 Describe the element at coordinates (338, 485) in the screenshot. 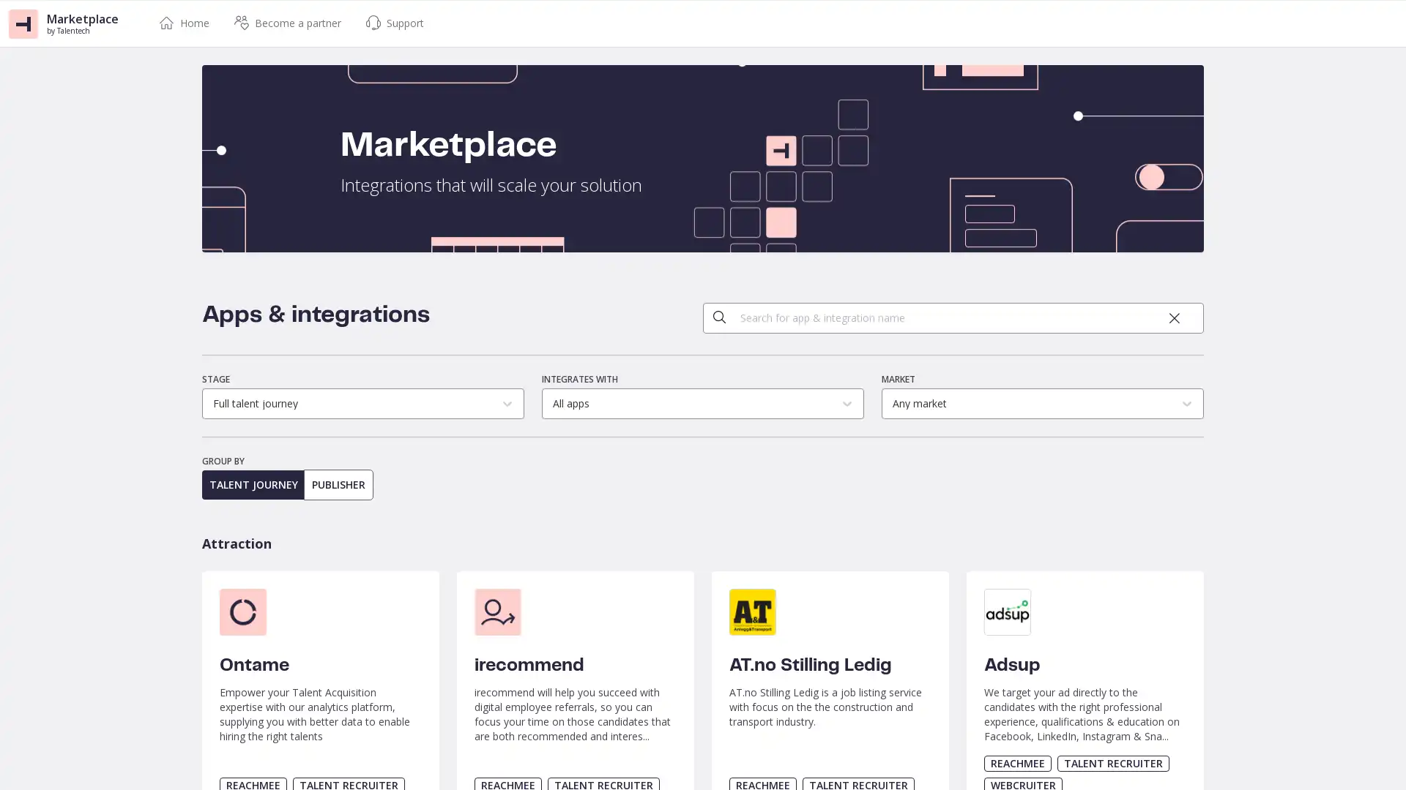

I see `Publisher` at that location.